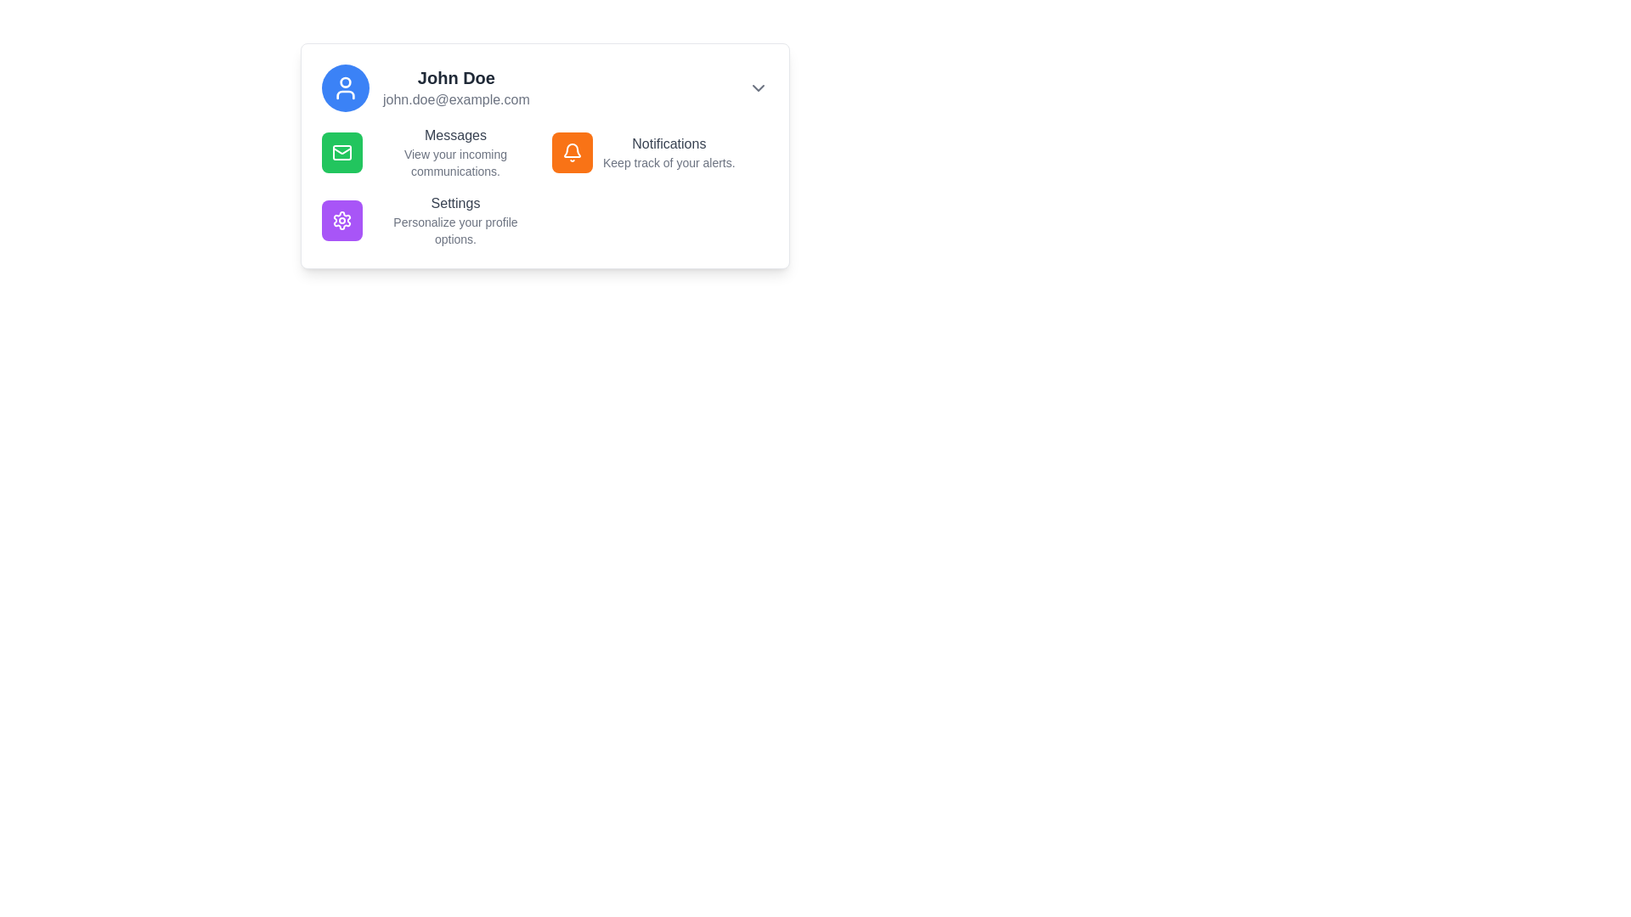 Image resolution: width=1631 pixels, height=917 pixels. I want to click on the 'Settings' text block, which is styled in medium-dark gray and contains subtext for personalizing profile options, located between 'Messages' and 'Notifications', so click(455, 219).